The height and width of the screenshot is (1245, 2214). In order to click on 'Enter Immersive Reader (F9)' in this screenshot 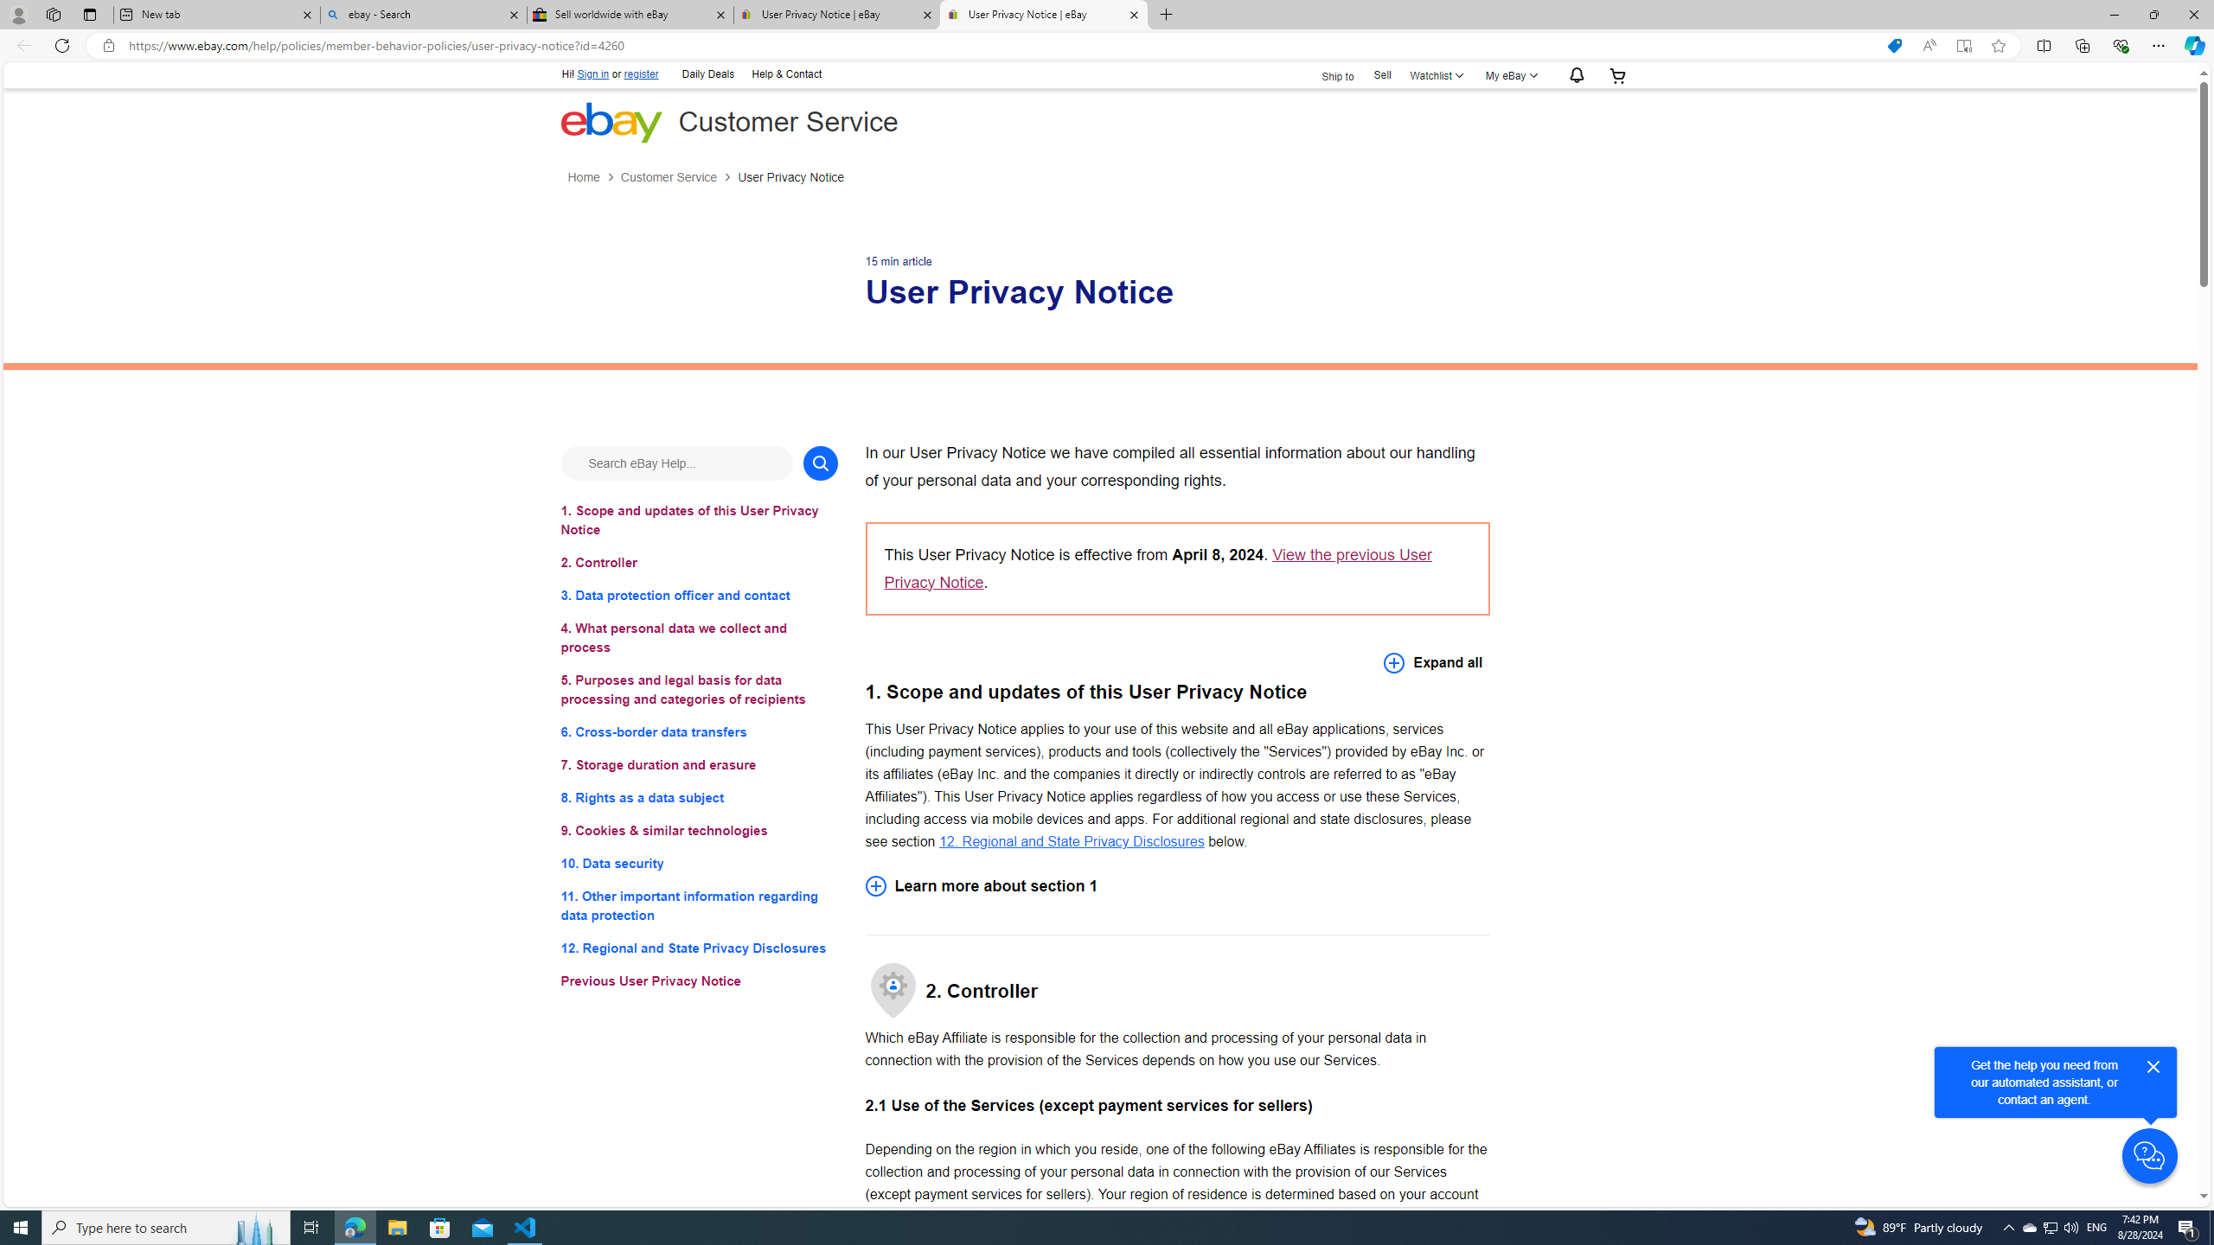, I will do `click(1963, 46)`.